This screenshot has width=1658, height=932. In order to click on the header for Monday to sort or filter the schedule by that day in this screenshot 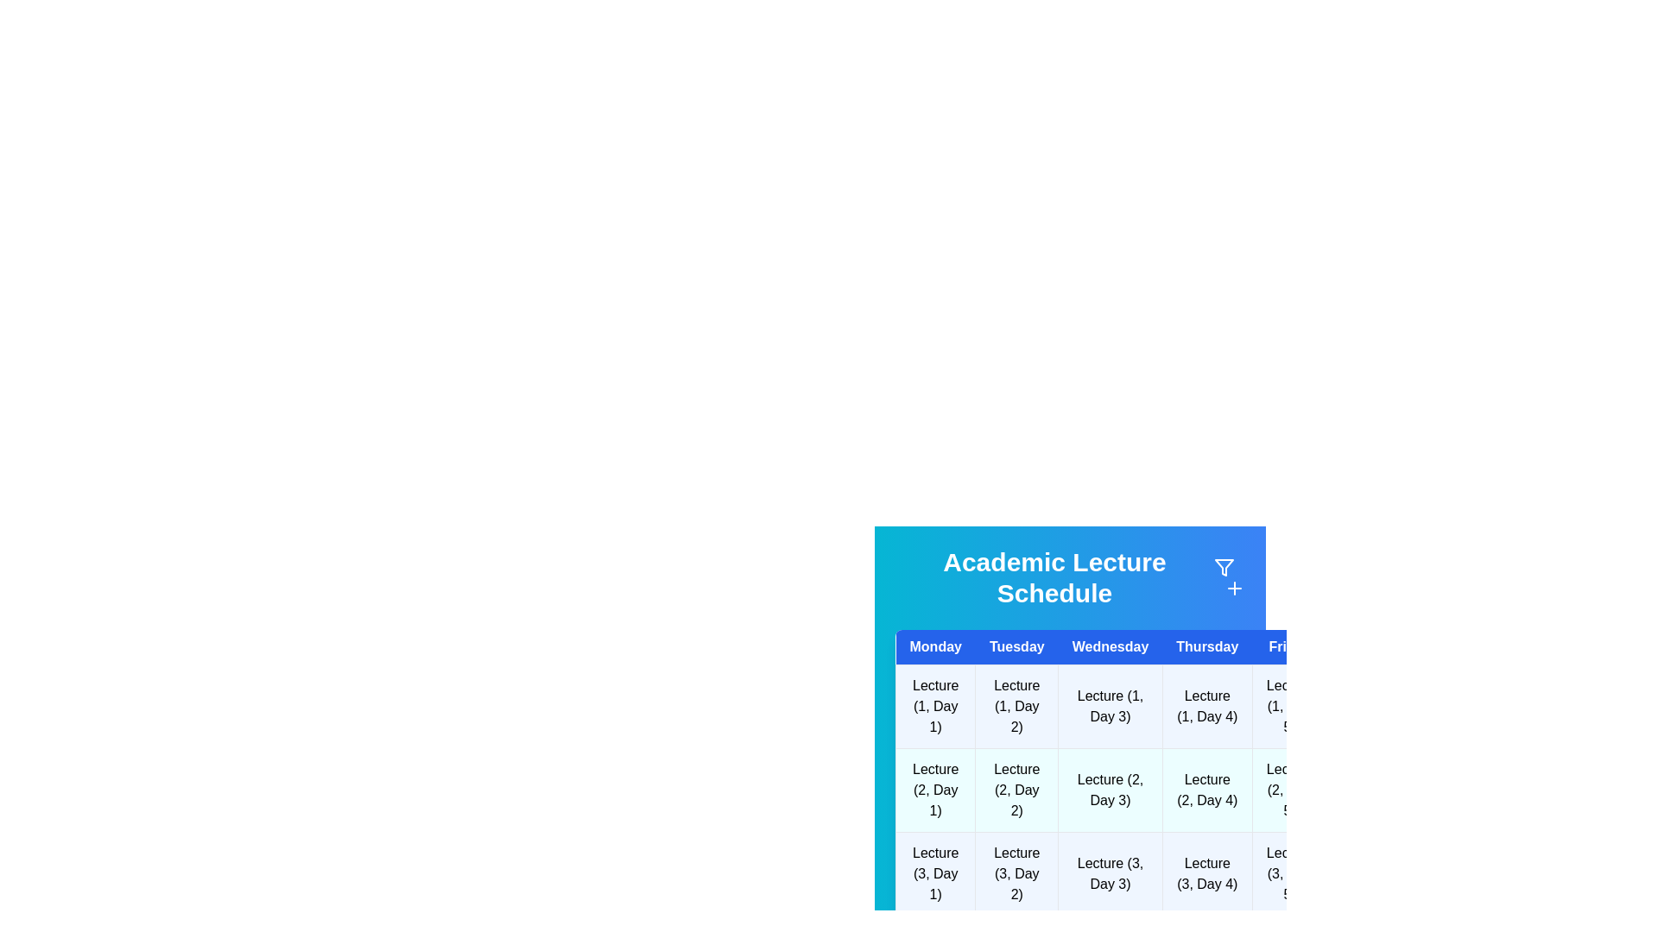, I will do `click(934, 647)`.